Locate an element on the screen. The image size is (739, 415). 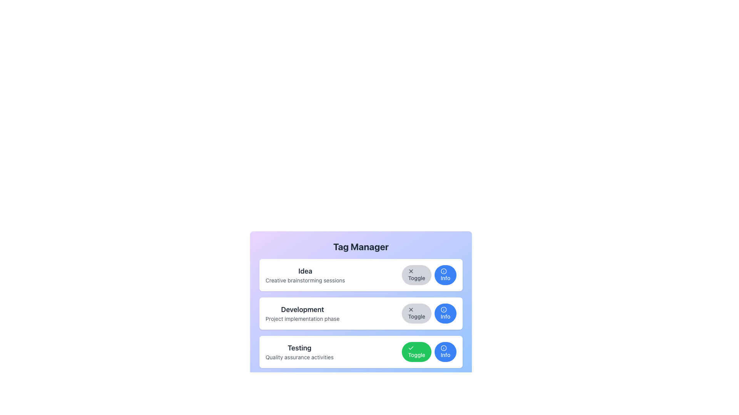
the circular blue button labeled 'Info' with a white 'i' icon is located at coordinates (445, 275).